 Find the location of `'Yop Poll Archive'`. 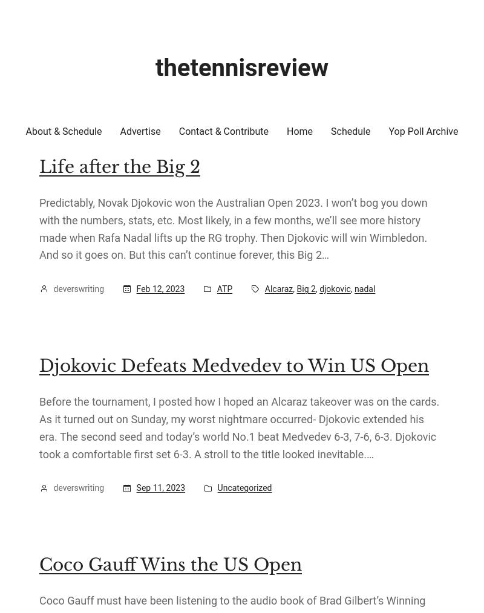

'Yop Poll Archive' is located at coordinates (423, 131).